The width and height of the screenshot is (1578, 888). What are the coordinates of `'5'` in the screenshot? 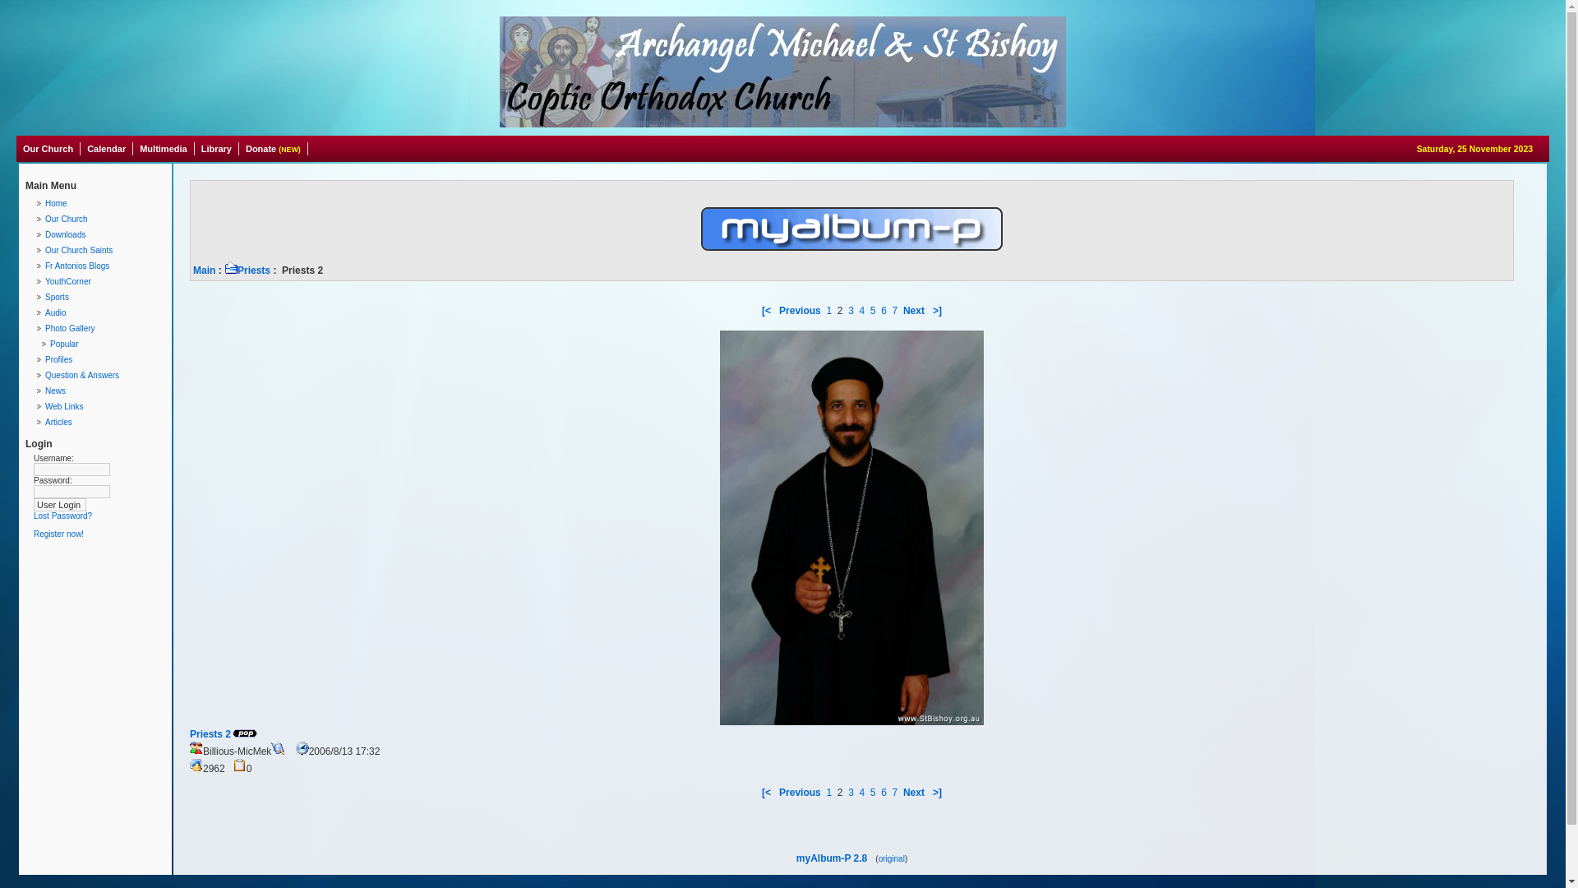 It's located at (872, 792).